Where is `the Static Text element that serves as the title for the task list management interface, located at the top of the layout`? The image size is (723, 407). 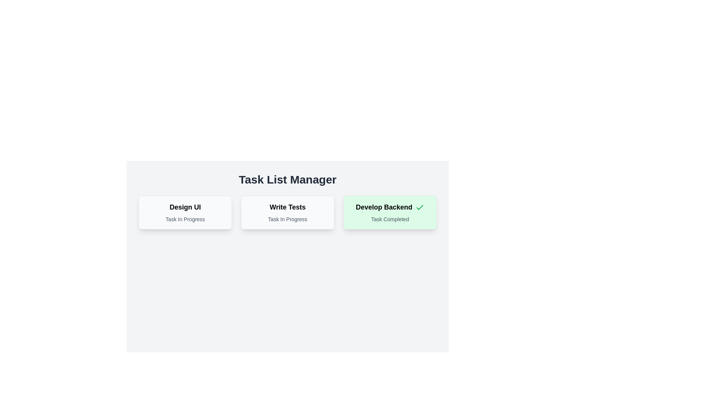 the Static Text element that serves as the title for the task list management interface, located at the top of the layout is located at coordinates (287, 180).